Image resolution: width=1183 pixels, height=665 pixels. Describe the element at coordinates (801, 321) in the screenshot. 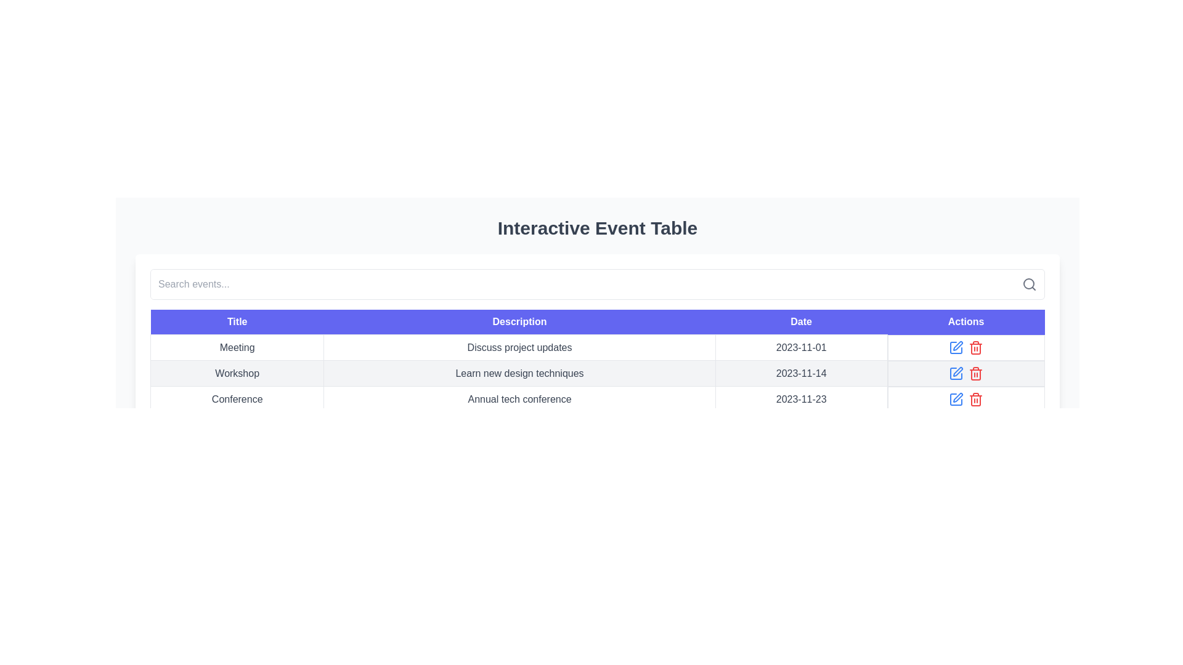

I see `the 'Date' column header cell in the table, which is the third header from the left and serves as a label for the date data` at that location.